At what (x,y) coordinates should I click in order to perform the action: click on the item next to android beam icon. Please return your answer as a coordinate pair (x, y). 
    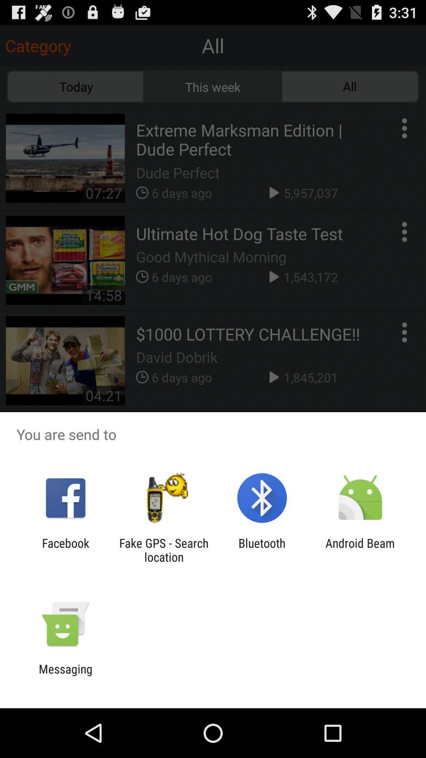
    Looking at the image, I should click on (262, 550).